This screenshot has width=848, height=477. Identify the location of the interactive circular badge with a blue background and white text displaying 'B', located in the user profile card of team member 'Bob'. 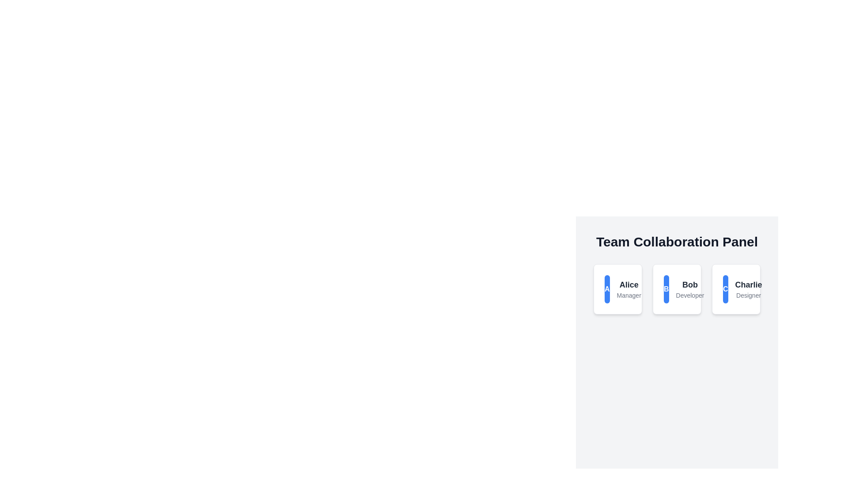
(666, 289).